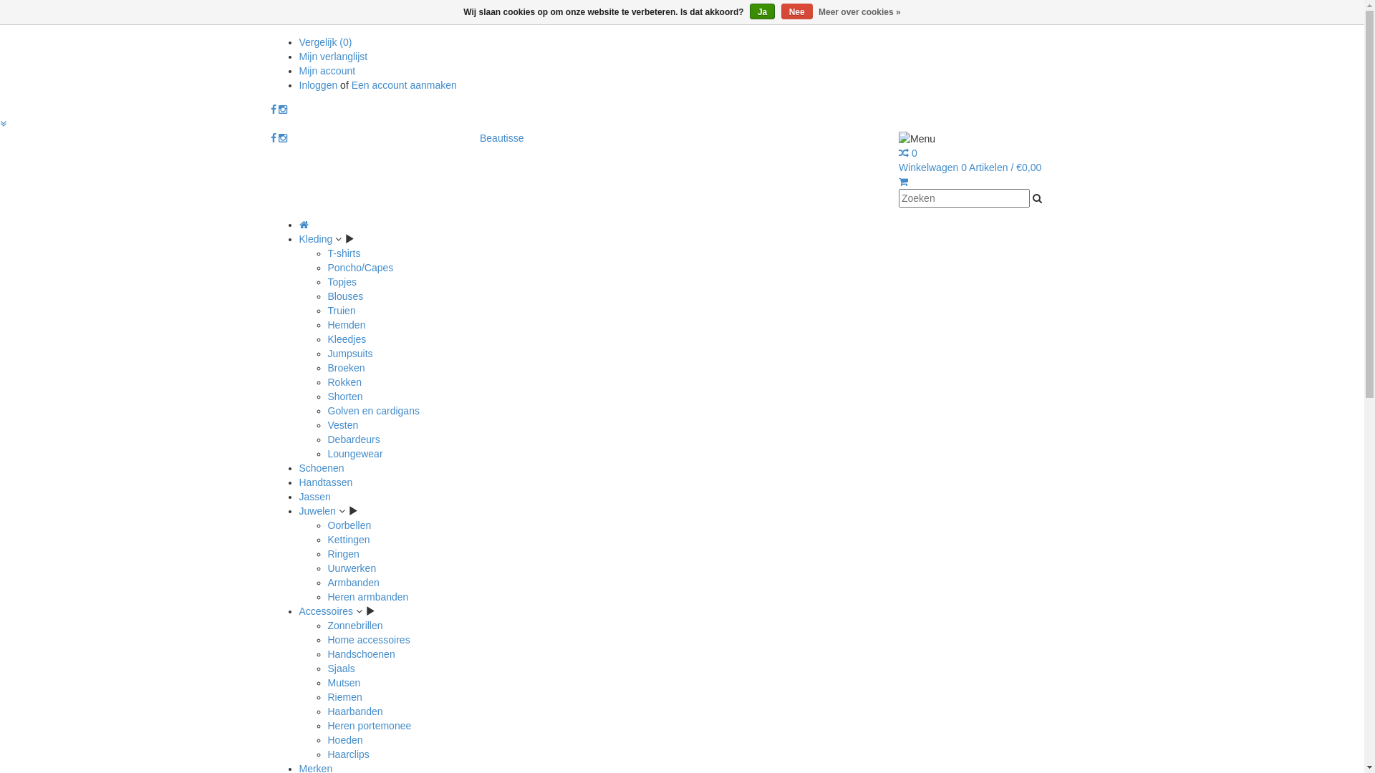  What do you see at coordinates (314, 496) in the screenshot?
I see `'Jassen'` at bounding box center [314, 496].